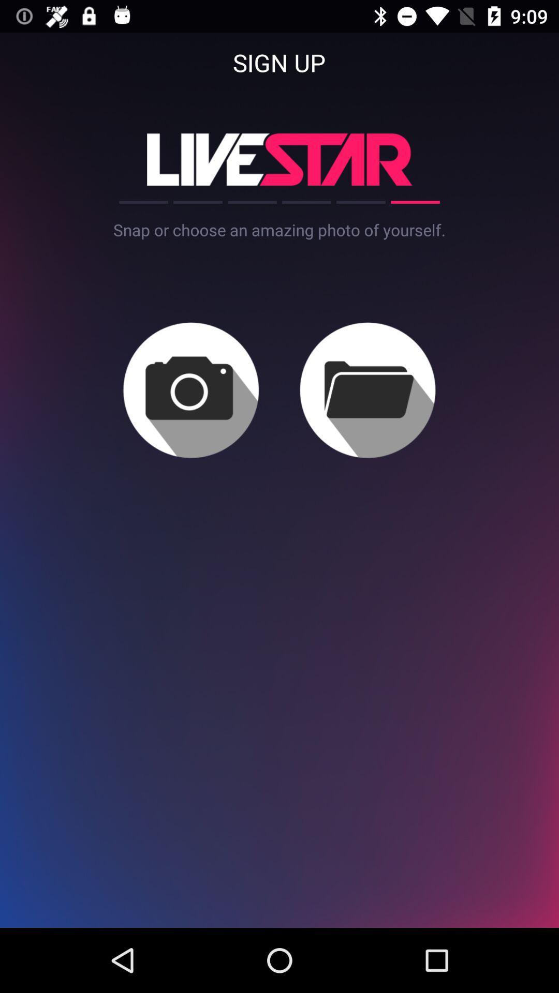 Image resolution: width=559 pixels, height=993 pixels. I want to click on photo option, so click(191, 389).